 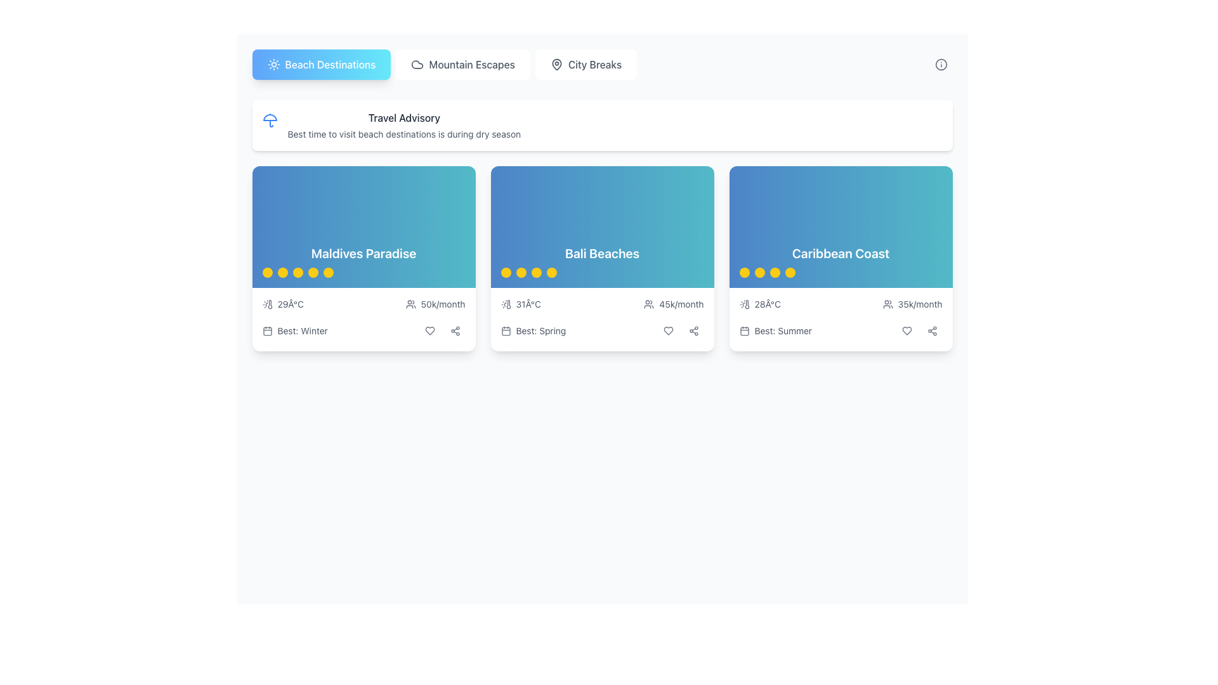 I want to click on 'Summer' label located at the bottom of the 'Caribbean Coast' card, which is the third card in a three-column row, next to a calendar icon, so click(x=782, y=330).